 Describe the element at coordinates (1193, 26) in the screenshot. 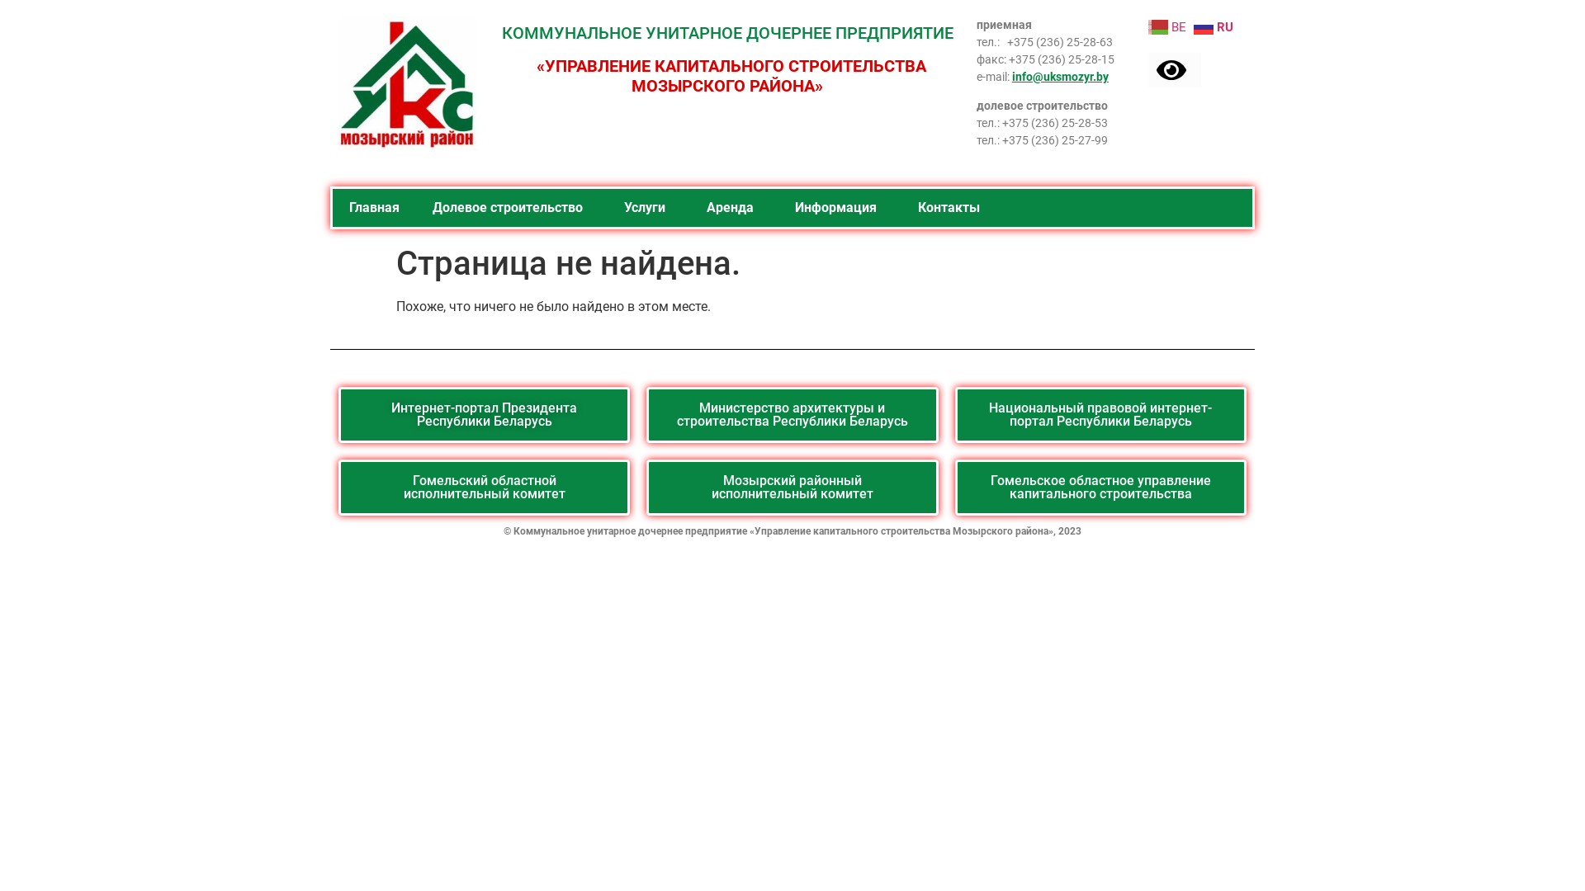

I see `'RU'` at that location.